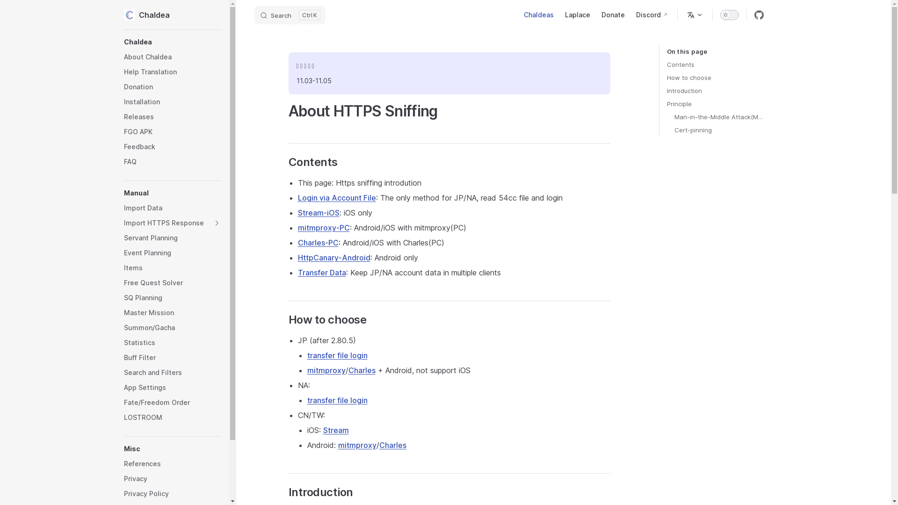 The image size is (898, 505). I want to click on 'Man-in-the-Middle Attack(MITM)', so click(718, 116).